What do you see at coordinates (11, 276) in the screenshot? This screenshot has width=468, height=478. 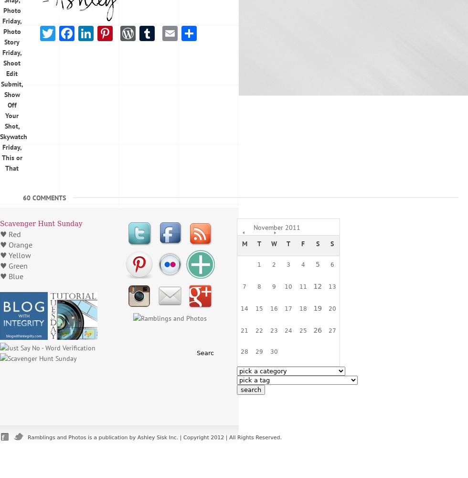 I see `'♥ Blue'` at bounding box center [11, 276].